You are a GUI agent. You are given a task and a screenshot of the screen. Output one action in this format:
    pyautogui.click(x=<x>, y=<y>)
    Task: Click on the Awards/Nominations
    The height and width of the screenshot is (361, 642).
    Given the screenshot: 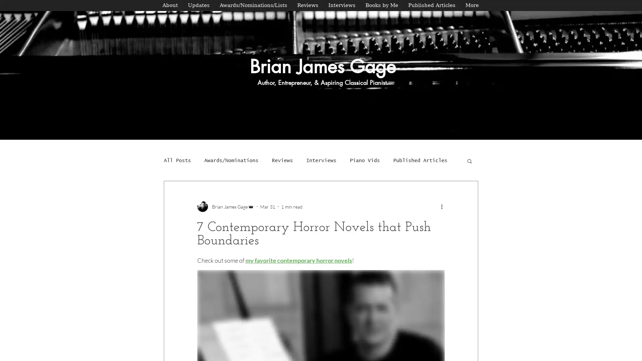 What is the action you would take?
    pyautogui.click(x=231, y=161)
    